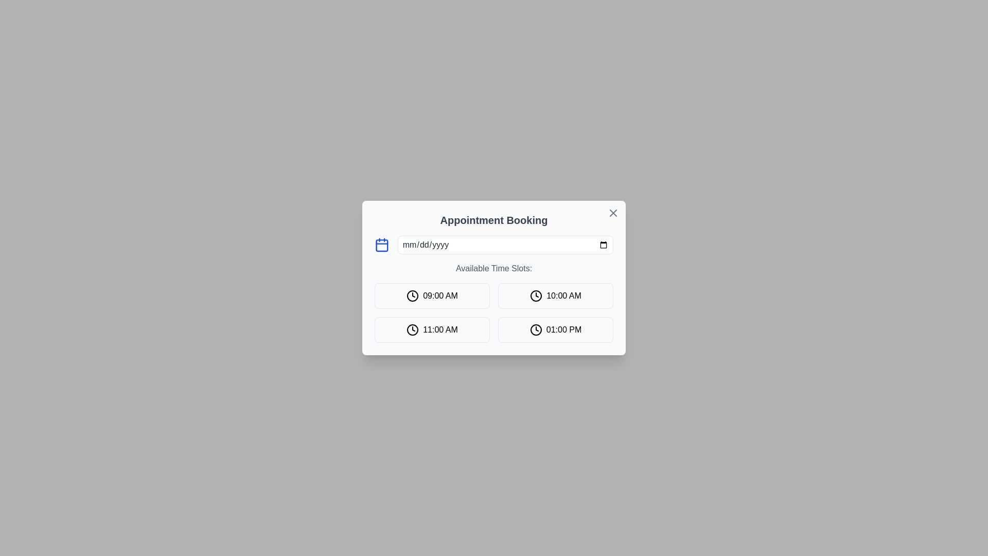 The width and height of the screenshot is (988, 556). What do you see at coordinates (536, 296) in the screenshot?
I see `the outer circular boundary of the clock icon representing the '10:00 AM' time slot in the time slot selector interface` at bounding box center [536, 296].